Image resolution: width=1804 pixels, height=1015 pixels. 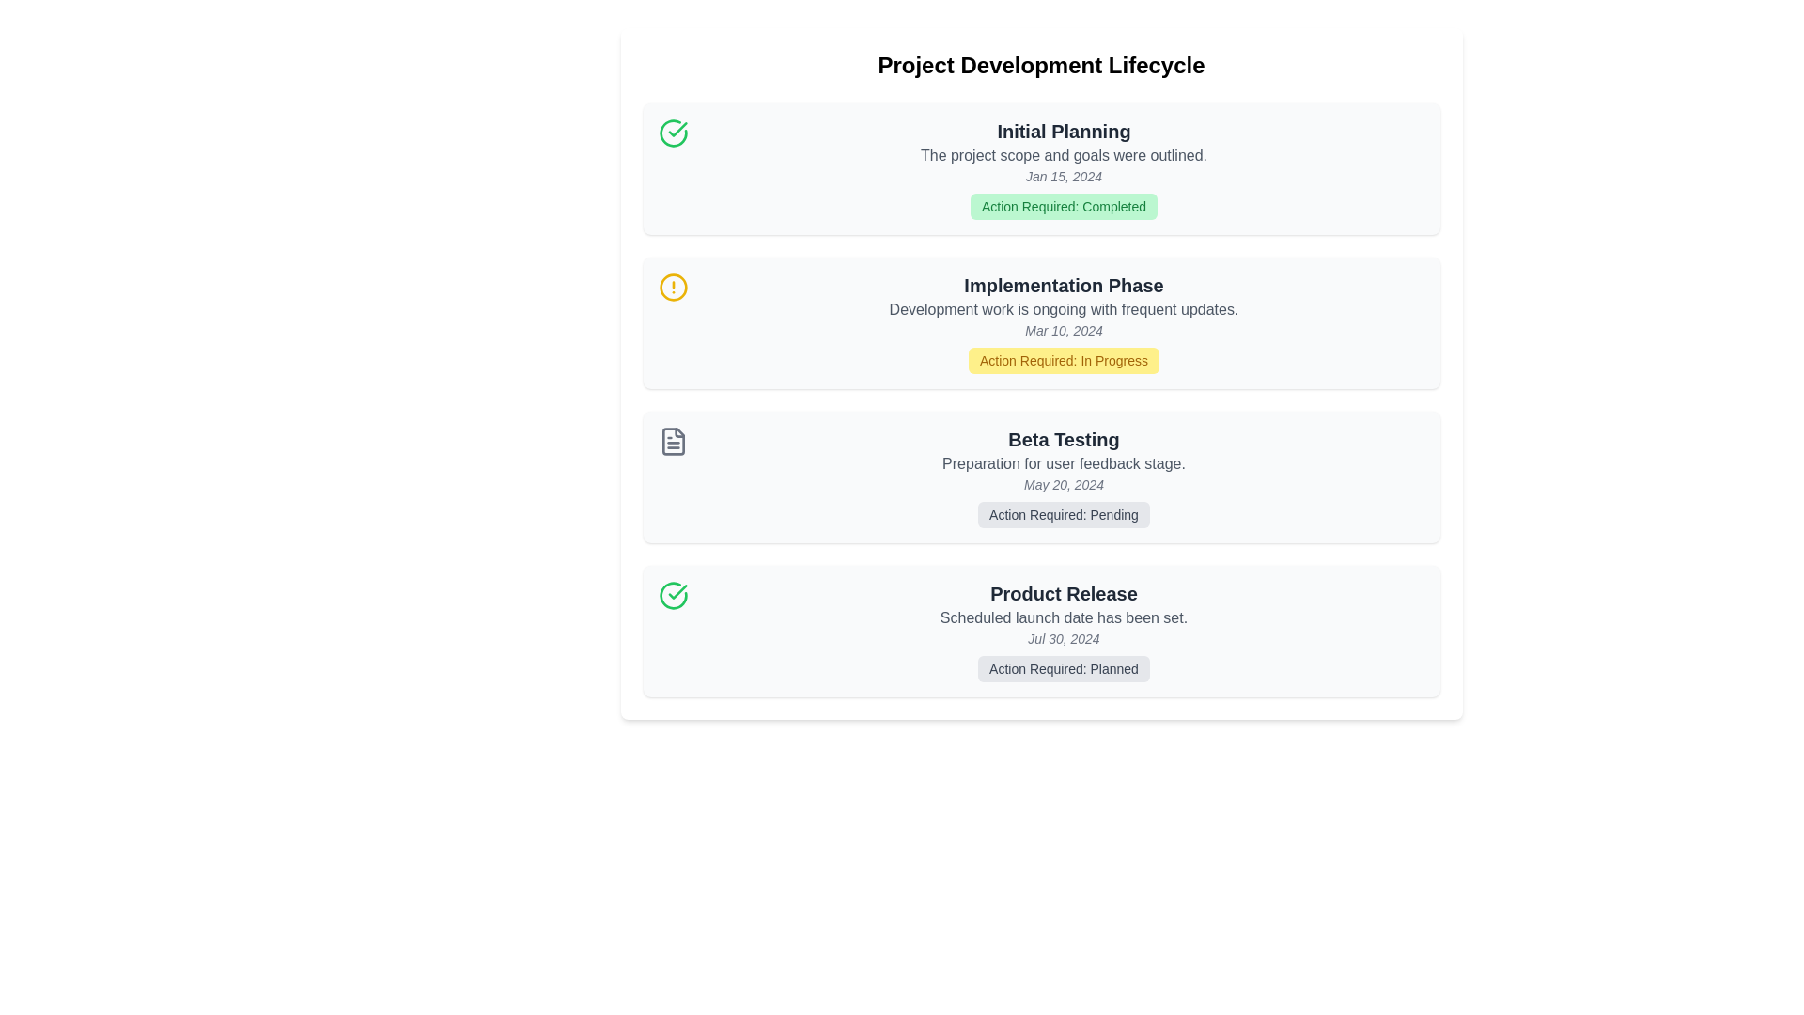 I want to click on the Text Label that serves as the title for the active stage in the project lifecycle, positioned under the 'Implementation Phase' section header, so click(x=1064, y=286).